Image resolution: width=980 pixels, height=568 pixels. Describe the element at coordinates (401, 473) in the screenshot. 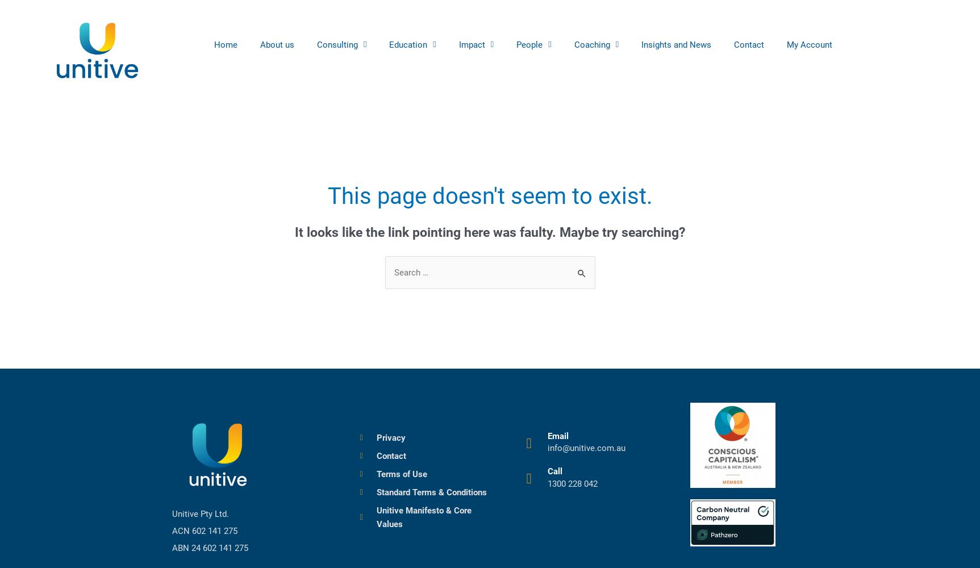

I see `'Terms of Use'` at that location.